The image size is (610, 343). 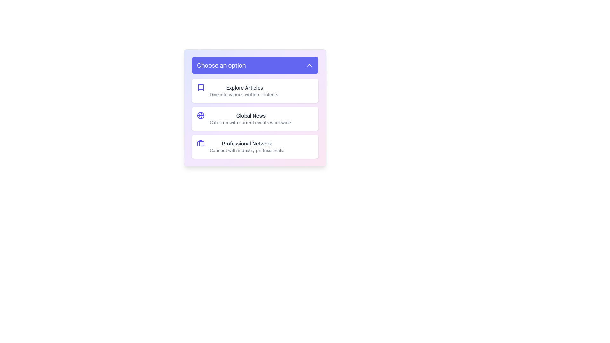 I want to click on the 'Choose an option' text label, which is styled with white text on a bold indigo background and serves as the dropdown interface header, so click(x=221, y=65).